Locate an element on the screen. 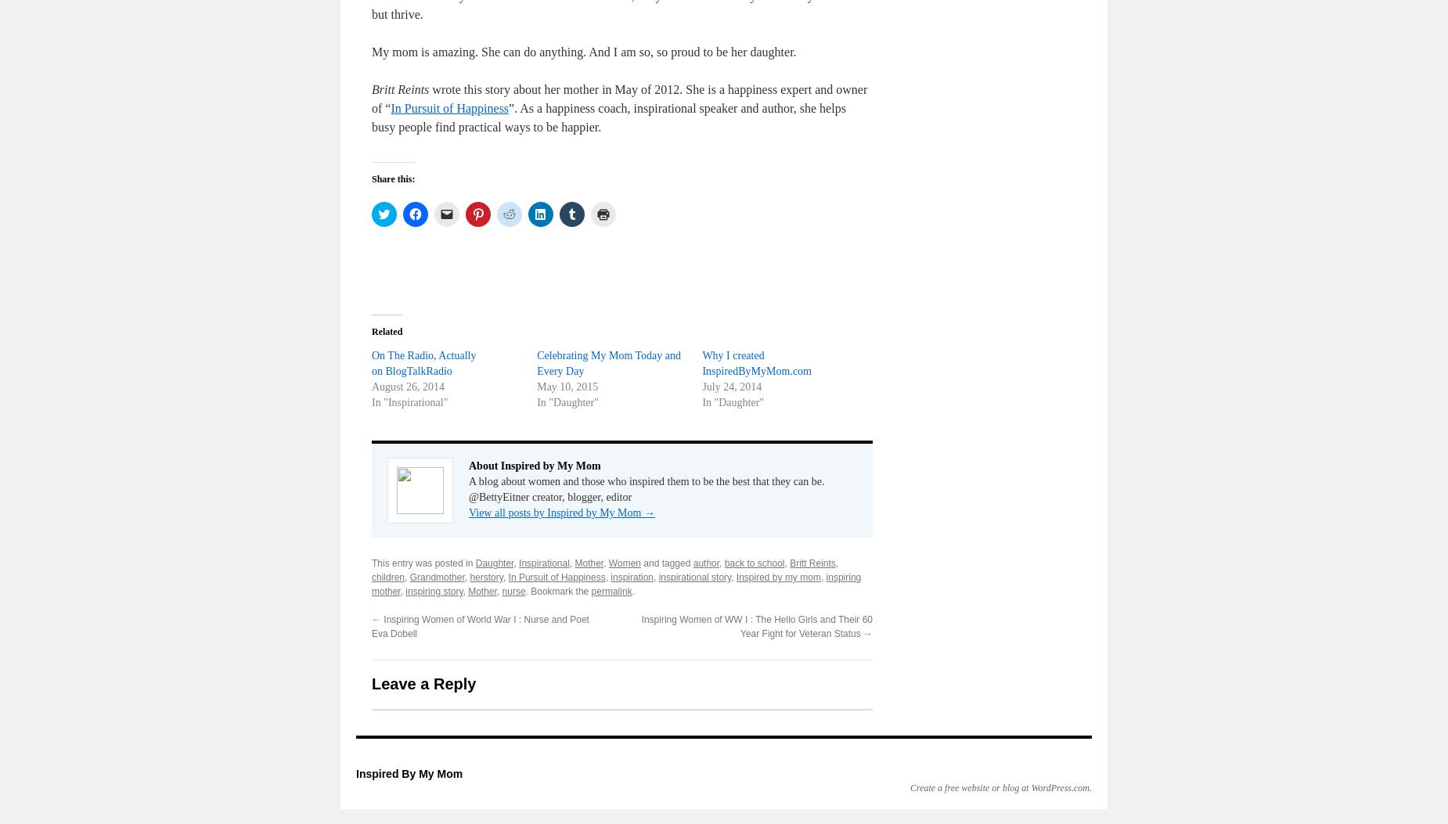 This screenshot has height=824, width=1448. 'herstory' is located at coordinates (486, 577).